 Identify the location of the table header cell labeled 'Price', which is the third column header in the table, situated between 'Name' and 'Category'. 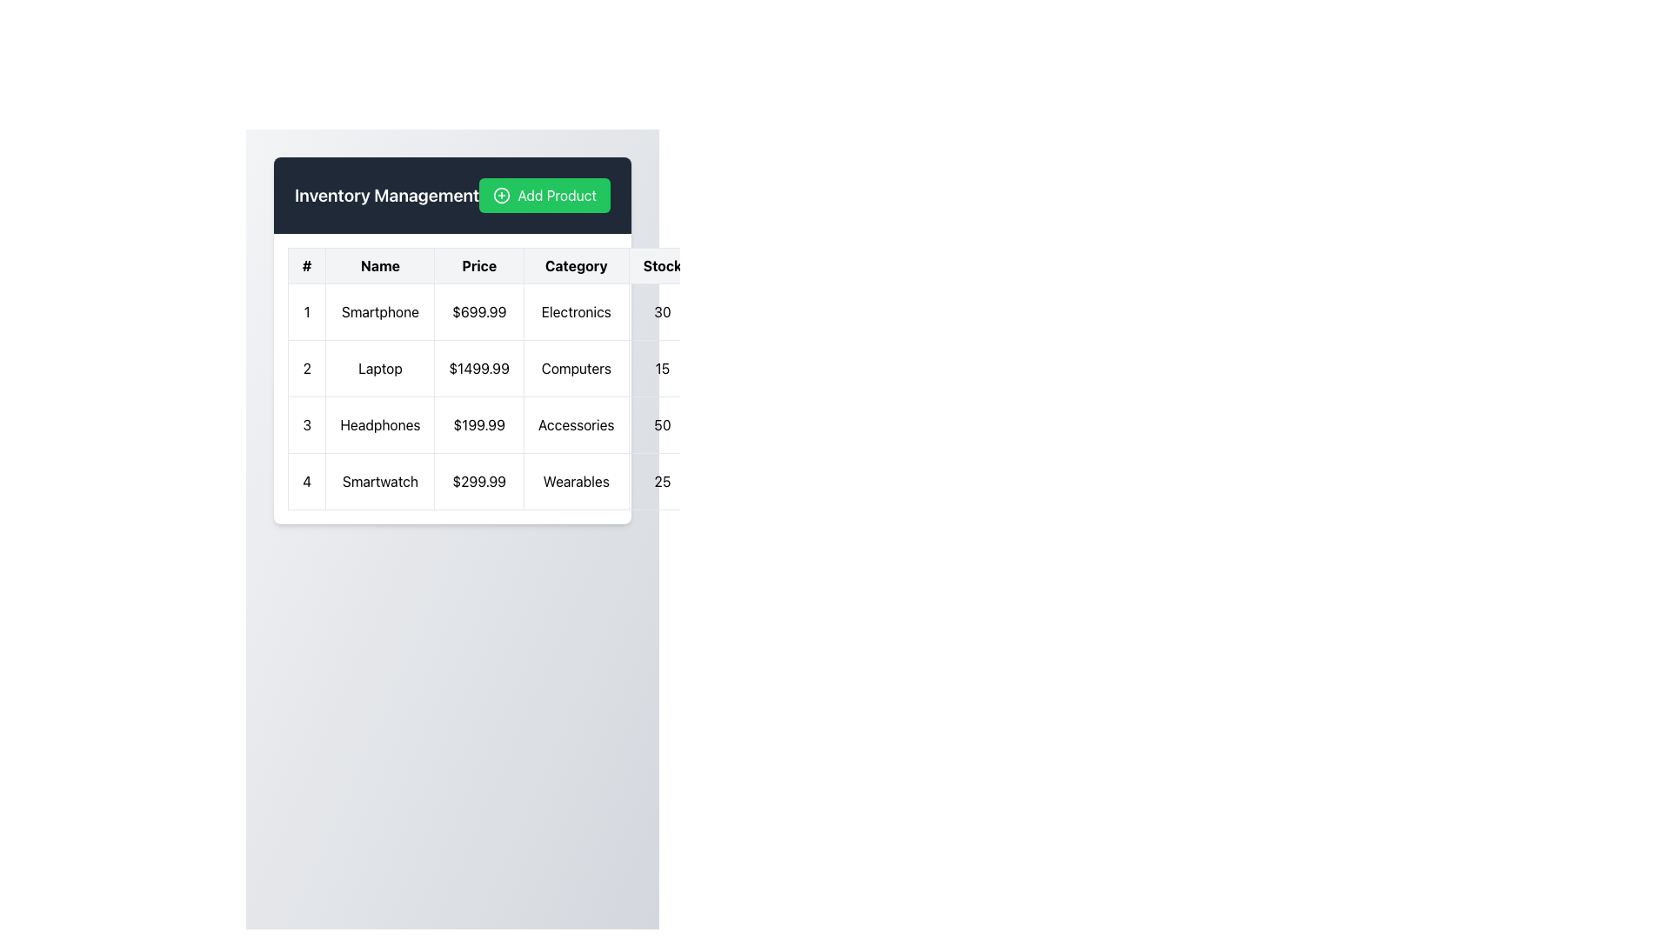
(479, 265).